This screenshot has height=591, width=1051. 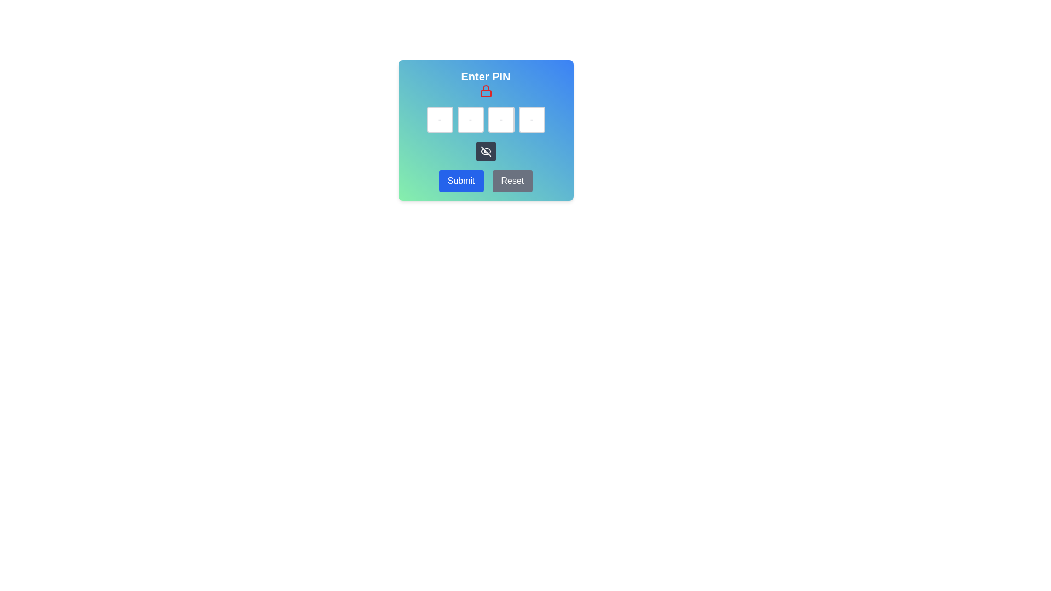 What do you see at coordinates (485, 130) in the screenshot?
I see `the visibility toggle button icon that resembles an eye with a diagonal line, located between the PIN input fields and the action buttons 'Submit' and 'Reset'` at bounding box center [485, 130].